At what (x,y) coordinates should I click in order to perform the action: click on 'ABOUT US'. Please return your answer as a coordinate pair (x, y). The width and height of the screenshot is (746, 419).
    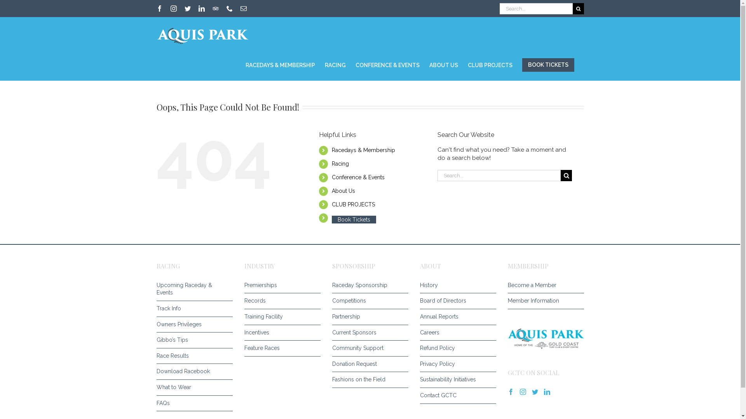
    Looking at the image, I should click on (443, 64).